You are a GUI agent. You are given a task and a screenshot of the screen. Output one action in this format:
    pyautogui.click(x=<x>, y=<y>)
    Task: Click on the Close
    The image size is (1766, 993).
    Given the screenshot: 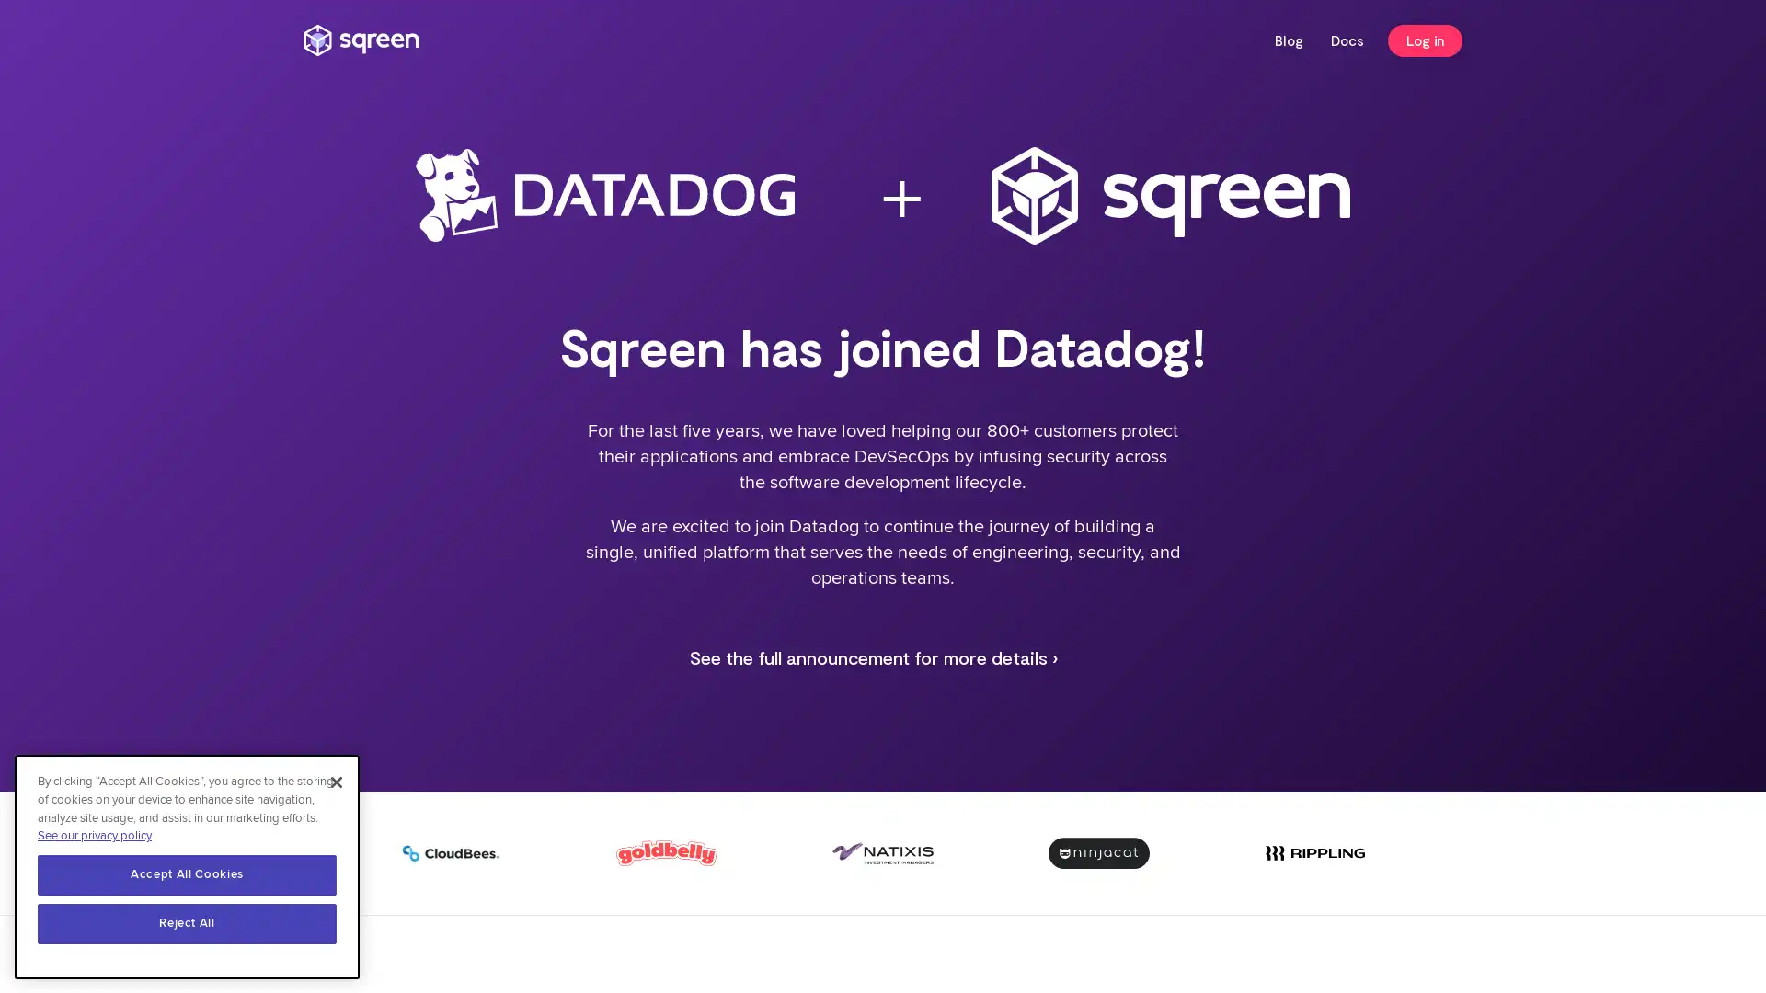 What is the action you would take?
    pyautogui.click(x=336, y=782)
    